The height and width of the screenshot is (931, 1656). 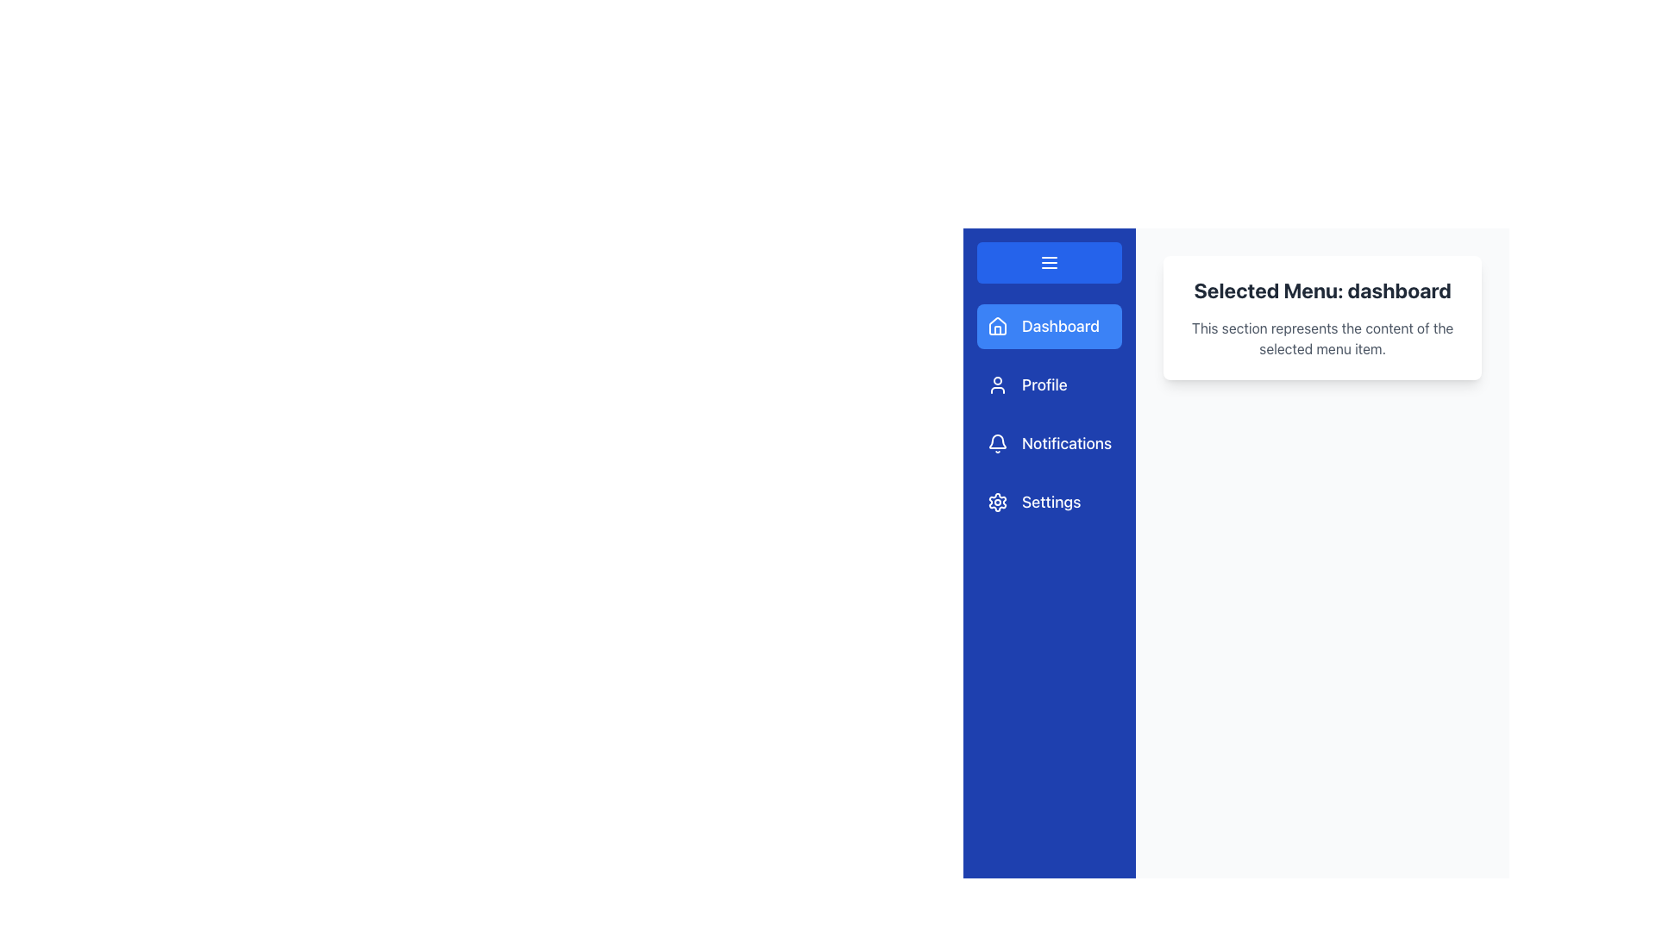 I want to click on text label displaying 'Dashboard' located on the left navigation panel, right next to the house-shaped icon in the blue background menu, so click(x=1059, y=326).